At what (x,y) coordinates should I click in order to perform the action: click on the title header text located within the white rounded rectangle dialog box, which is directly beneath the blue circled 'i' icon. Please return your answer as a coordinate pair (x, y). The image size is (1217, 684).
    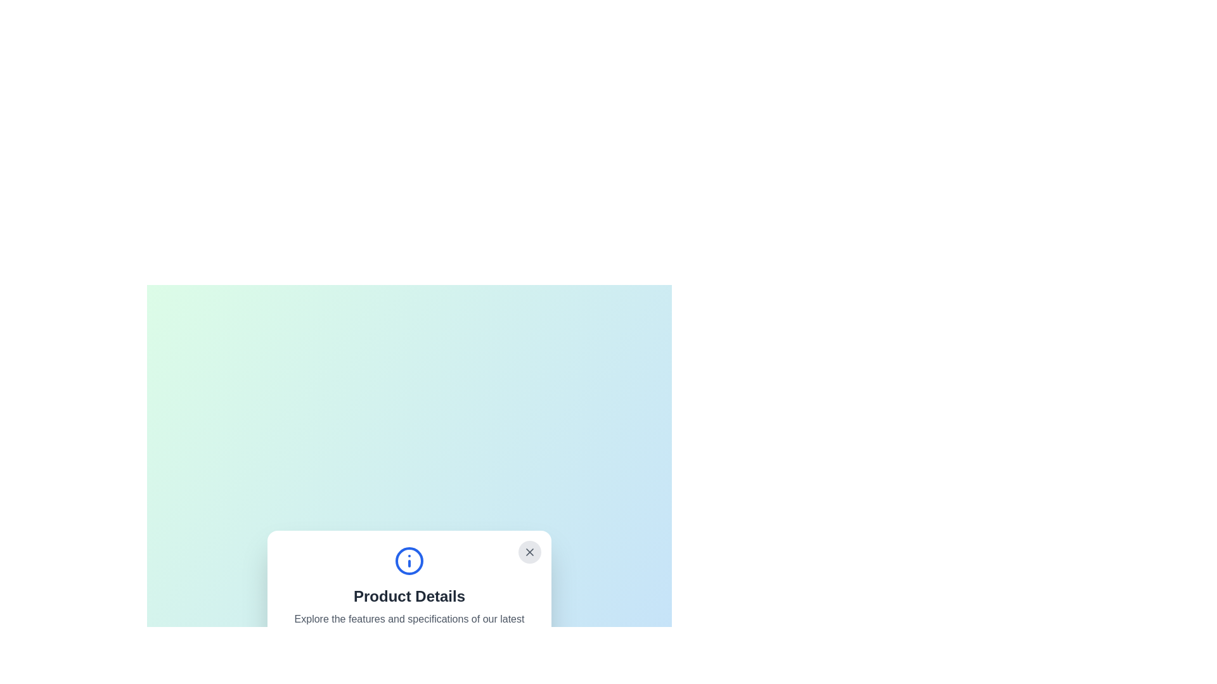
    Looking at the image, I should click on (409, 596).